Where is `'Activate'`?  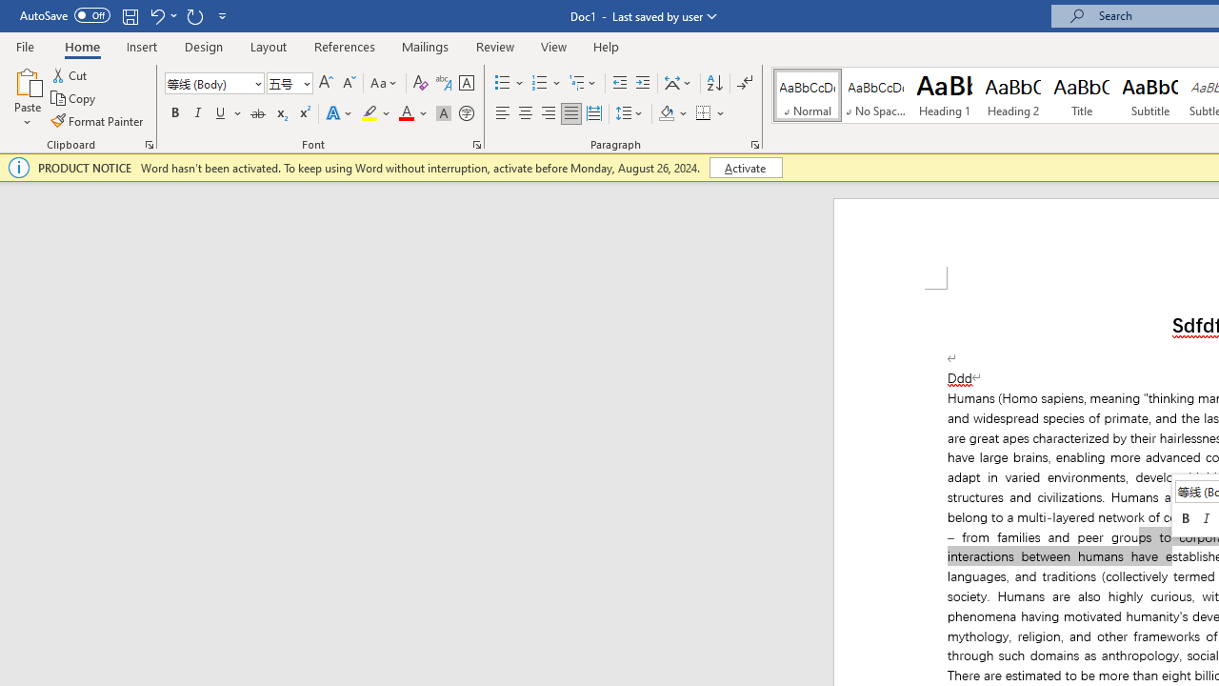 'Activate' is located at coordinates (745, 167).